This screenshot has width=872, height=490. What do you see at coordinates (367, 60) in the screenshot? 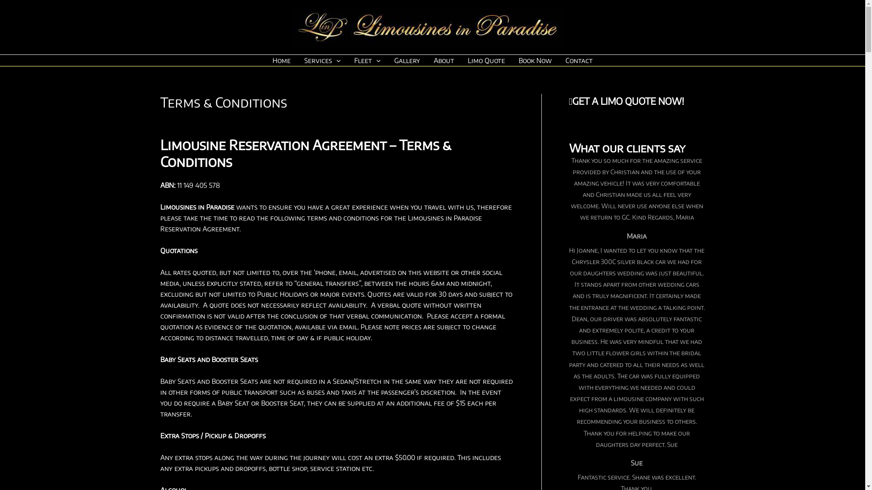
I see `'Fleet'` at bounding box center [367, 60].